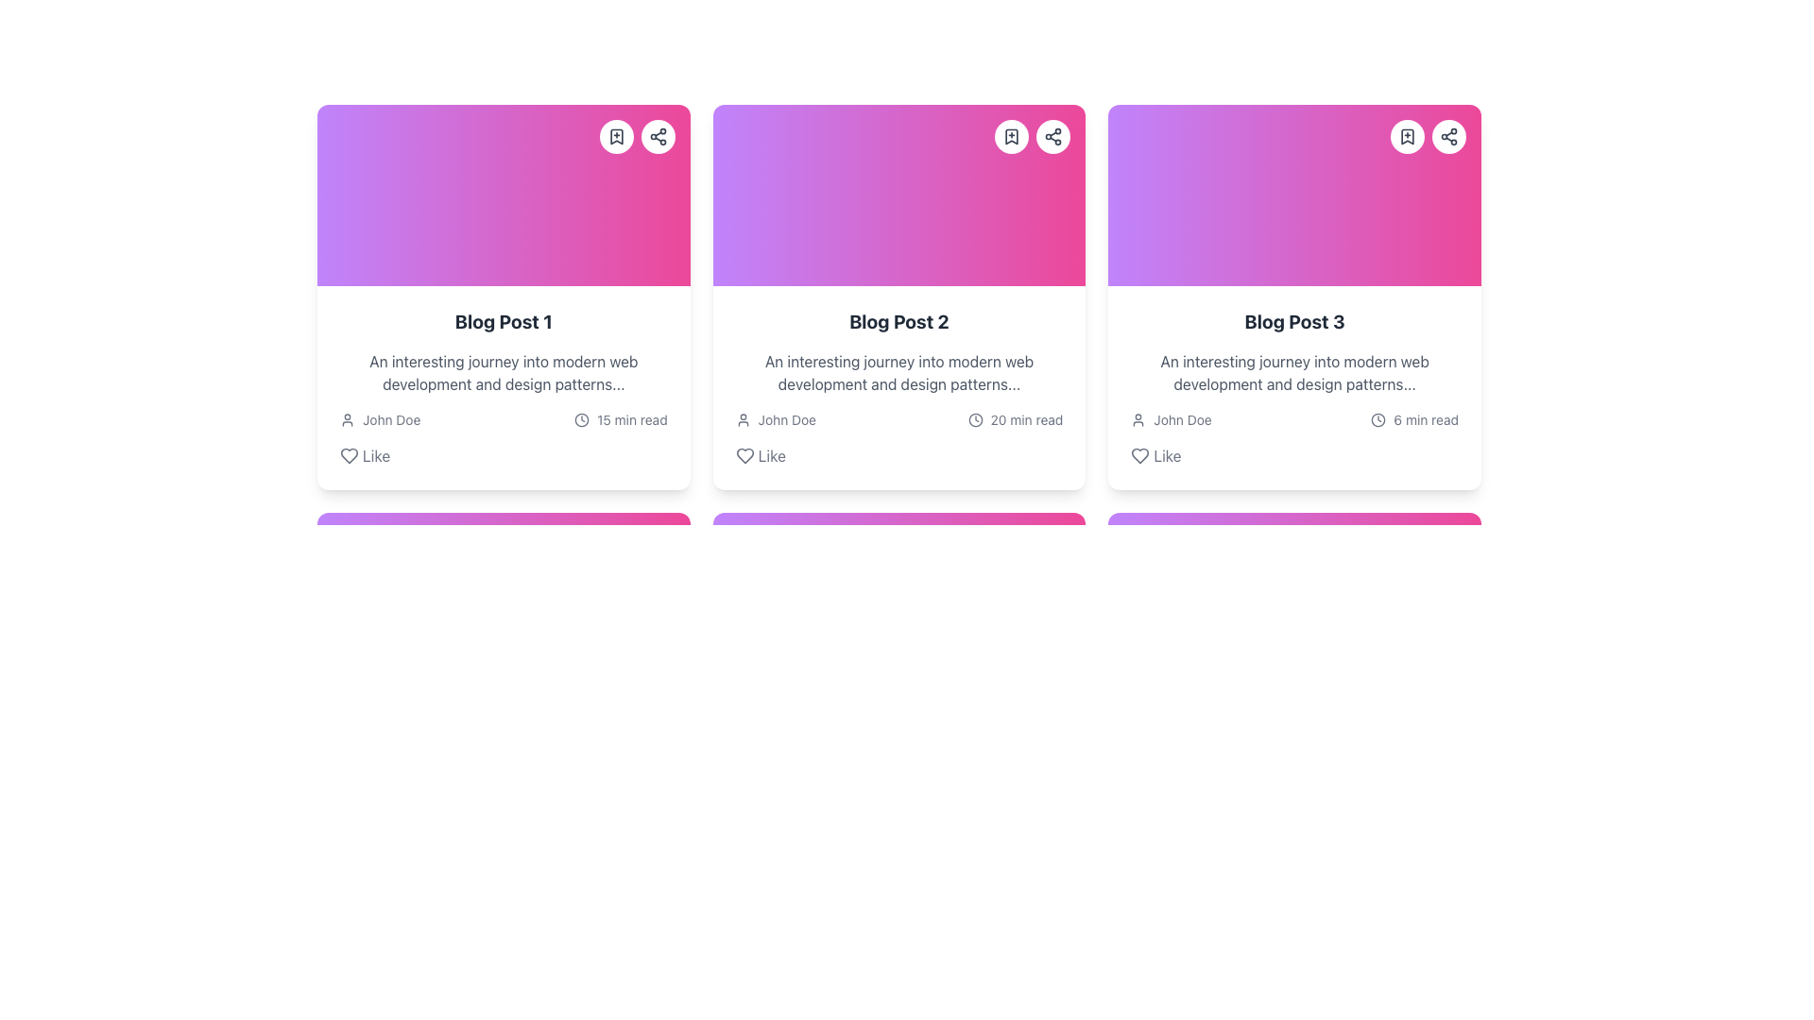 Image resolution: width=1814 pixels, height=1020 pixels. Describe the element at coordinates (1378, 418) in the screenshot. I see `the clock icon, which is part of the third card in a series of horizontally displayed cards, indicating time with two hands and located to the left of the text '6 min read'` at that location.